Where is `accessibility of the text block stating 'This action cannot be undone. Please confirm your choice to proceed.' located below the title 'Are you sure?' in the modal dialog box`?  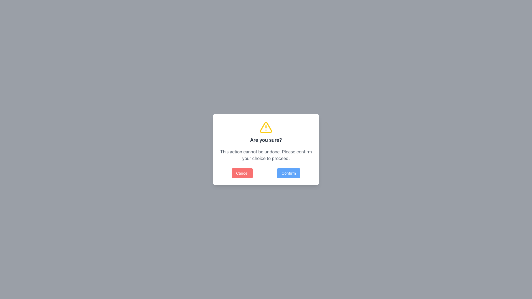
accessibility of the text block stating 'This action cannot be undone. Please confirm your choice to proceed.' located below the title 'Are you sure?' in the modal dialog box is located at coordinates (266, 155).